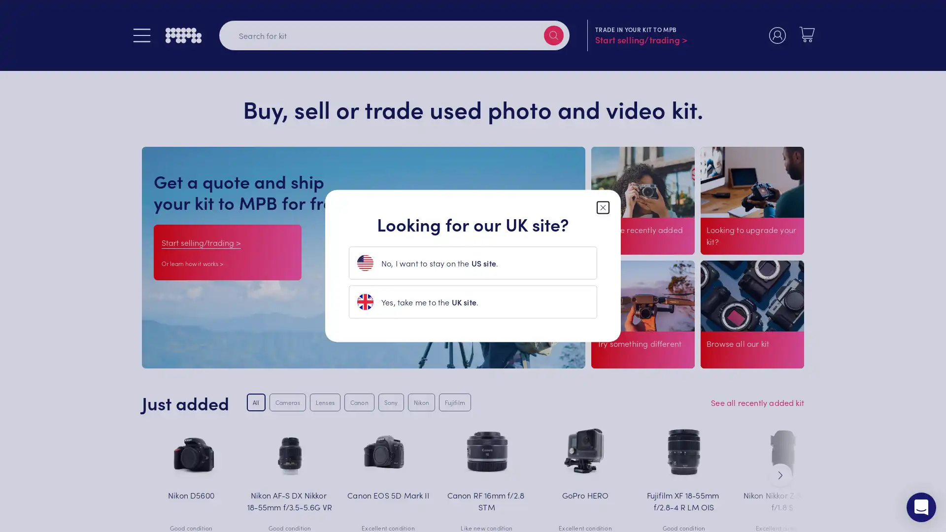  Describe the element at coordinates (777, 35) in the screenshot. I see `Account` at that location.